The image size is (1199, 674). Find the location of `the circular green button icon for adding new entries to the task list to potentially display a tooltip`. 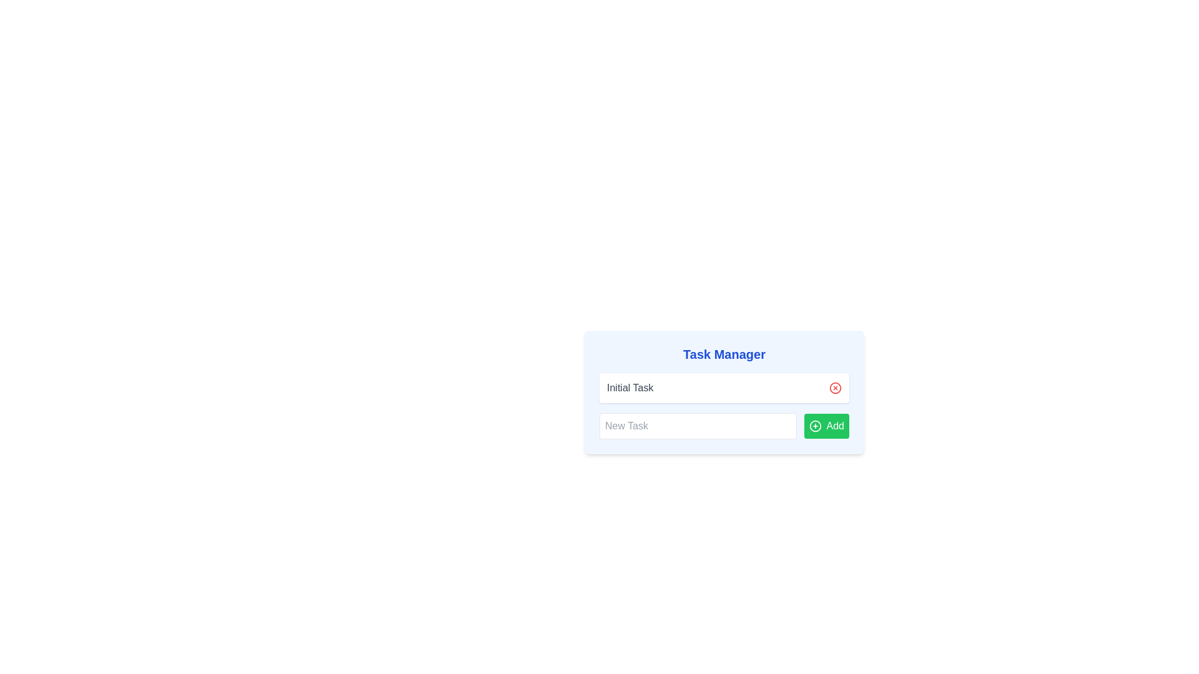

the circular green button icon for adding new entries to the task list to potentially display a tooltip is located at coordinates (815, 425).